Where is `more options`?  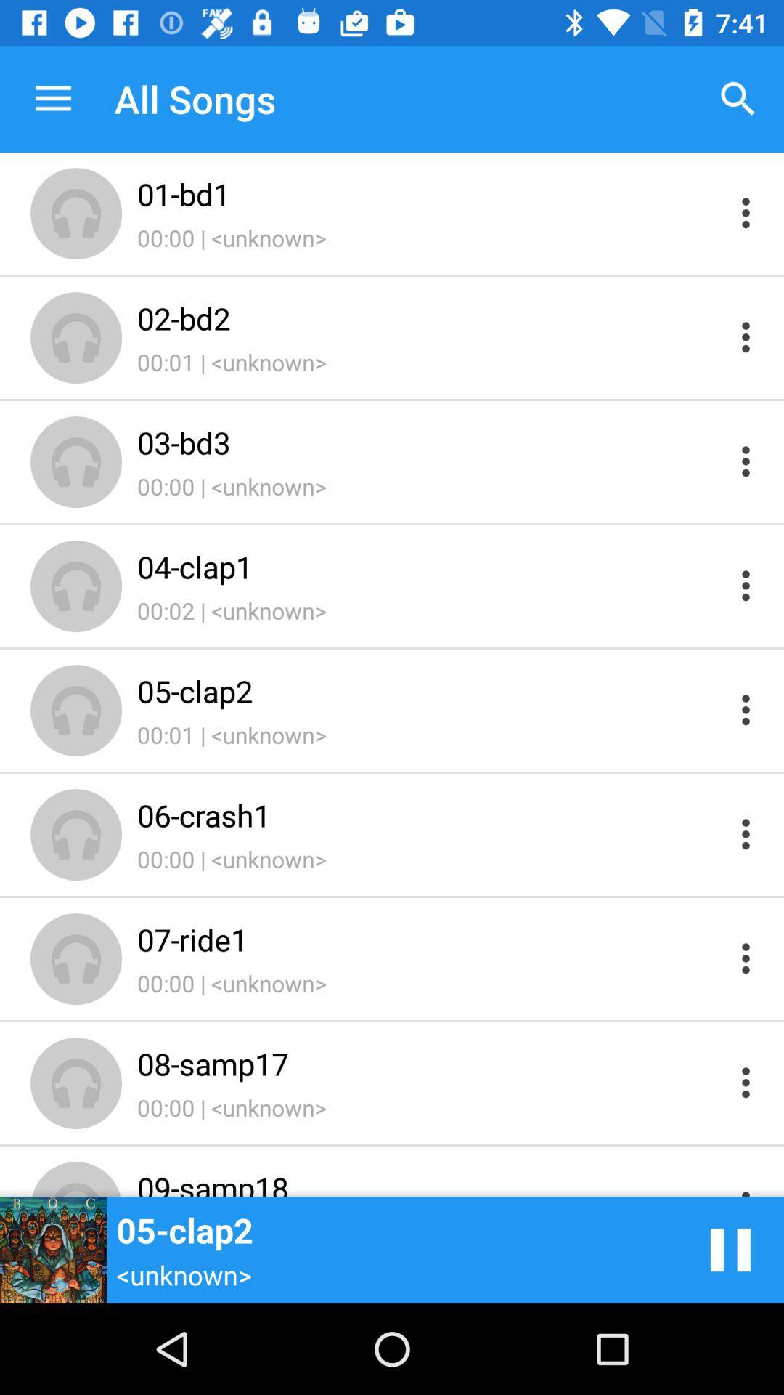
more options is located at coordinates (746, 336).